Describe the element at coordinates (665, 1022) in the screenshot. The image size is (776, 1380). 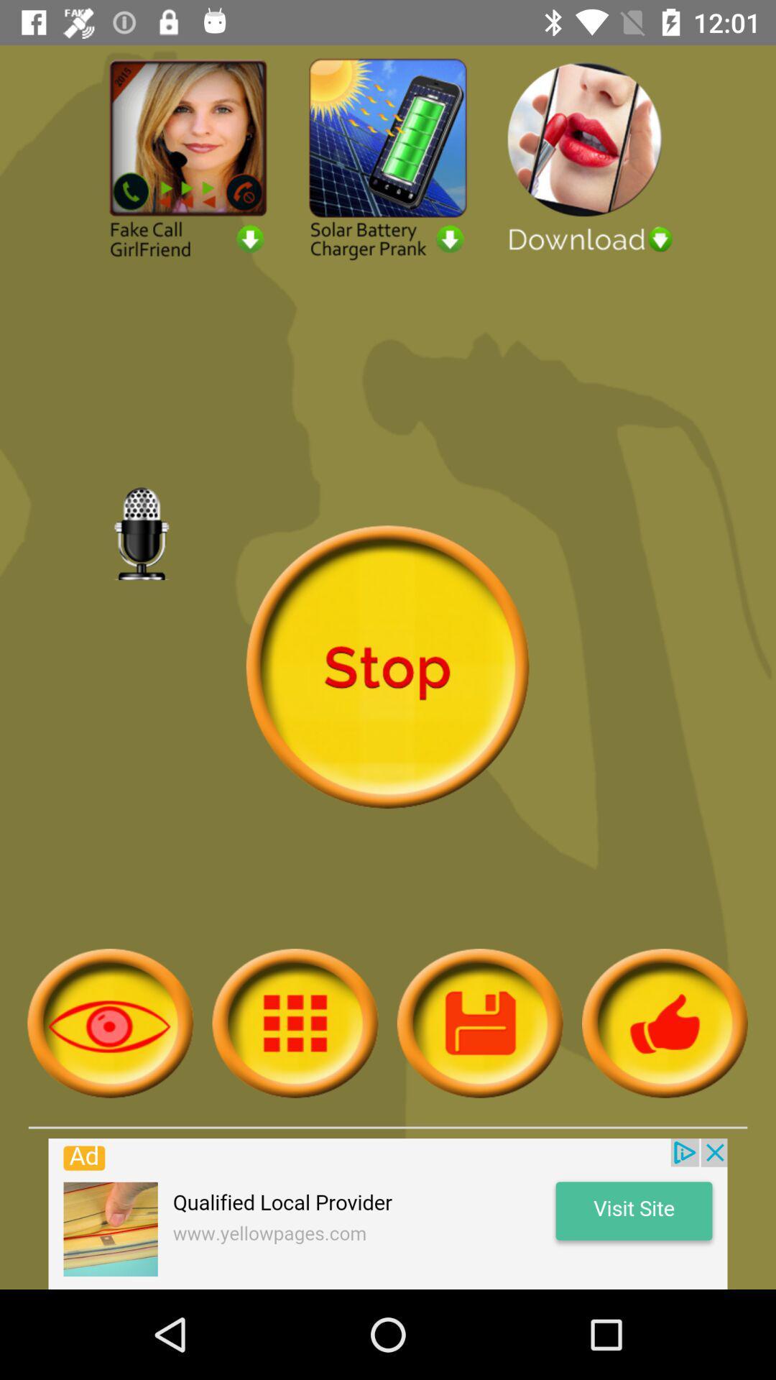
I see `like us` at that location.